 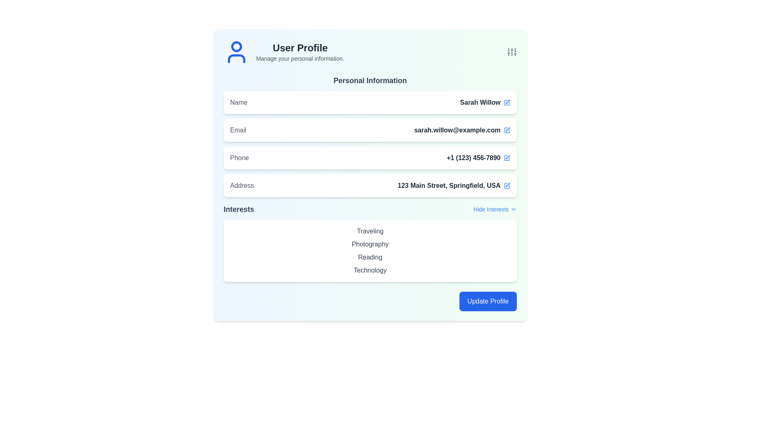 I want to click on the Edit IconButton located at the far right edge of the Address field row, so click(x=506, y=185).